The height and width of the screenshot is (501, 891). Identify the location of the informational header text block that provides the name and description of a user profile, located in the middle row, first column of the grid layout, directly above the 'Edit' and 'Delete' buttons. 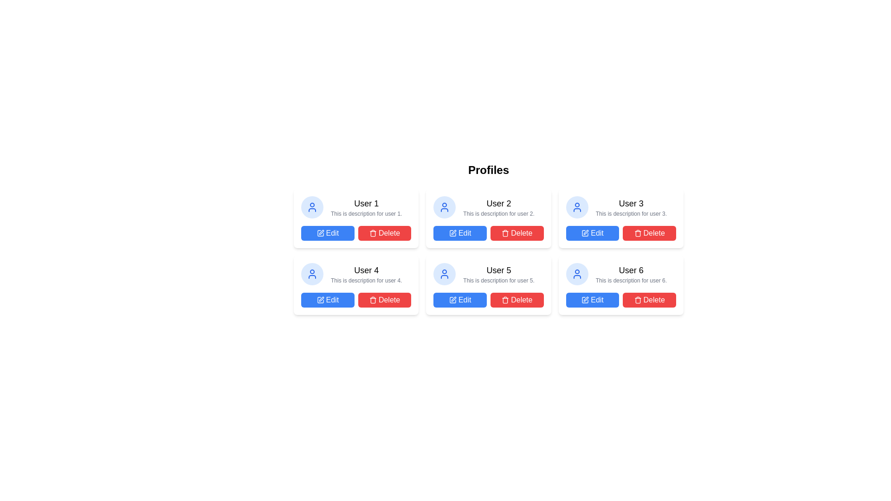
(355, 273).